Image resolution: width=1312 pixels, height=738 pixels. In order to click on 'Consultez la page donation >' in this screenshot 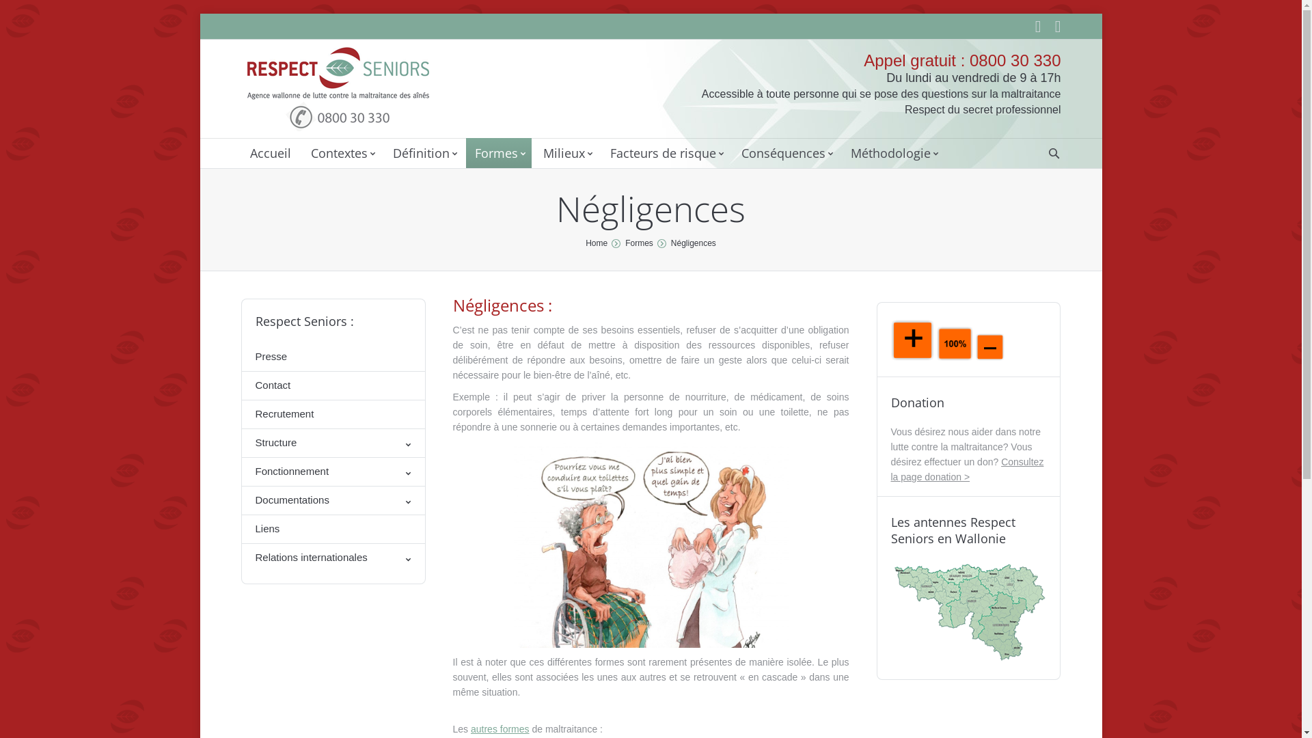, I will do `click(967, 468)`.